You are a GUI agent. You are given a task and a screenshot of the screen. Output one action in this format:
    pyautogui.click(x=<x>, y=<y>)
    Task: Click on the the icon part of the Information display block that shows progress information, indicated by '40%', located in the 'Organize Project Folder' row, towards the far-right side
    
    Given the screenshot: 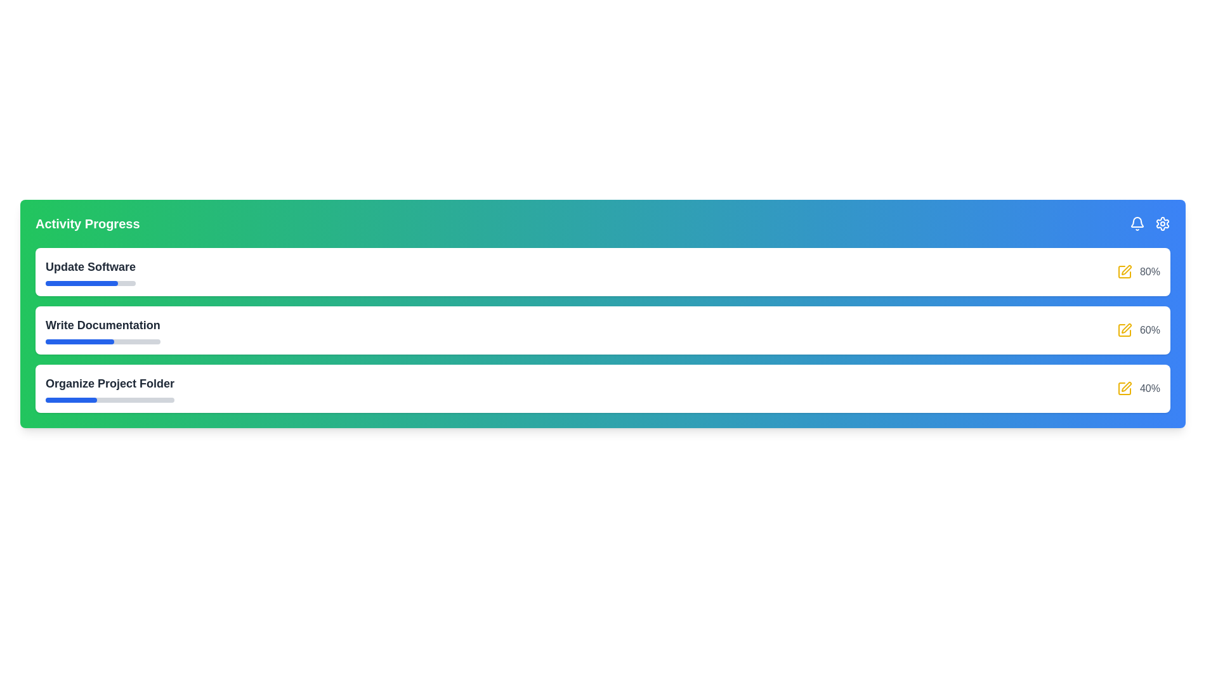 What is the action you would take?
    pyautogui.click(x=1139, y=388)
    